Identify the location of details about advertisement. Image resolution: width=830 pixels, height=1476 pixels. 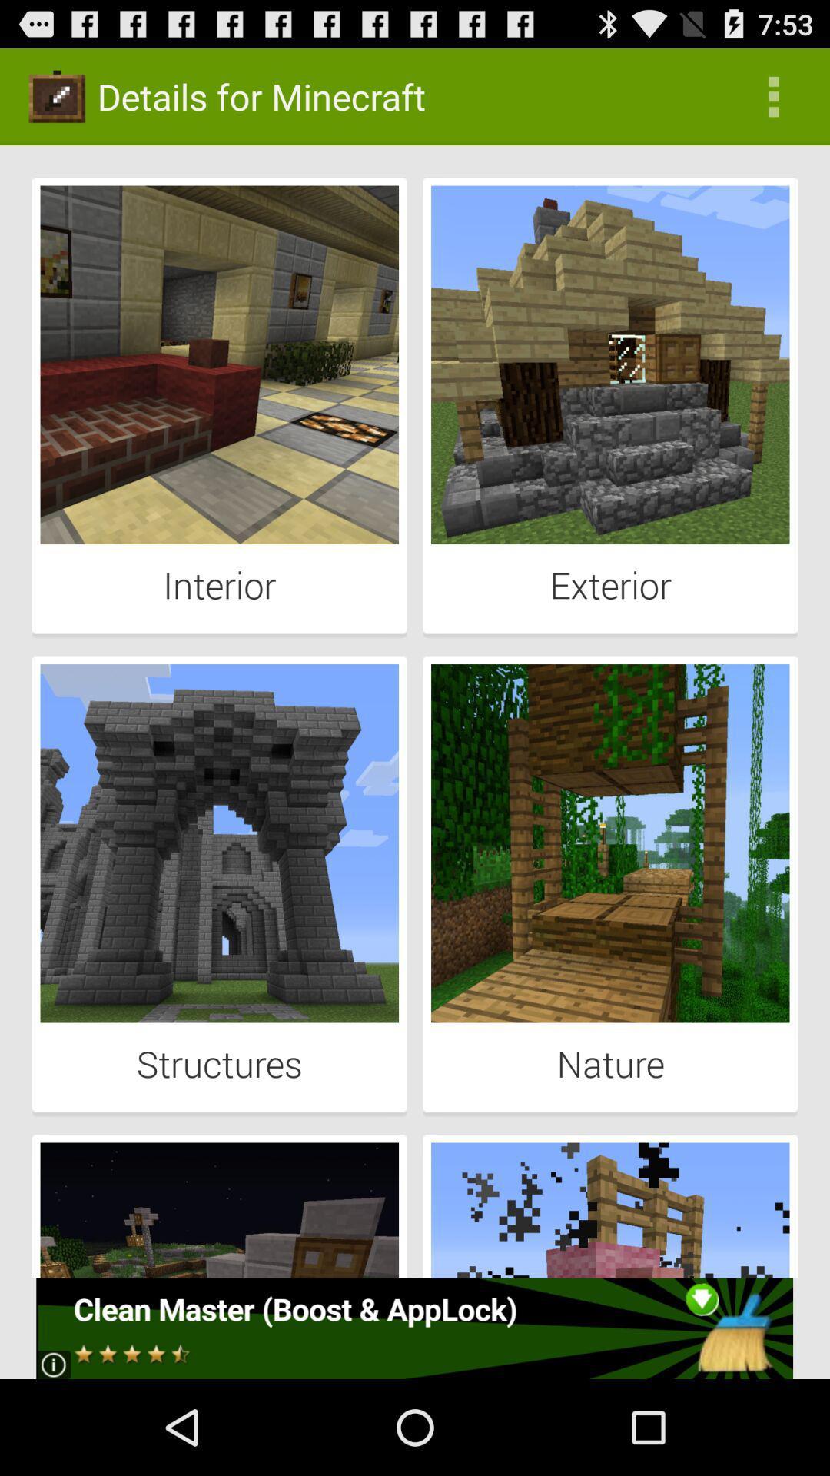
(413, 1328).